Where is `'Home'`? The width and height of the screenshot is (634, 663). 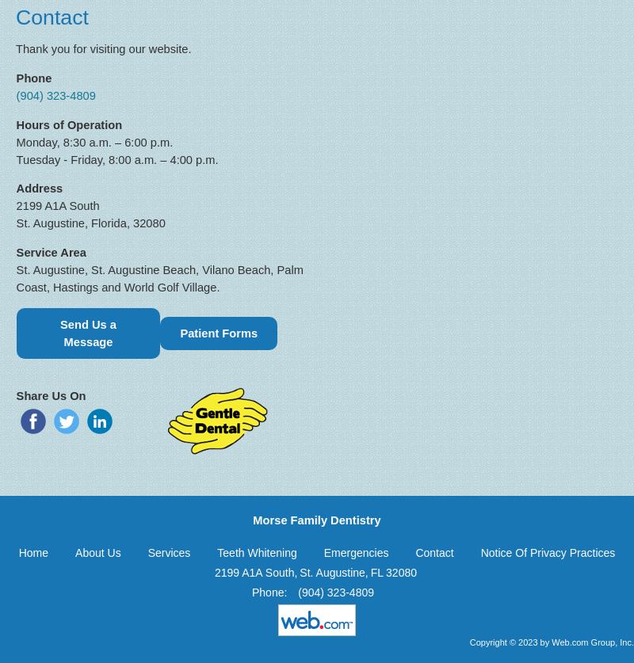 'Home' is located at coordinates (32, 551).